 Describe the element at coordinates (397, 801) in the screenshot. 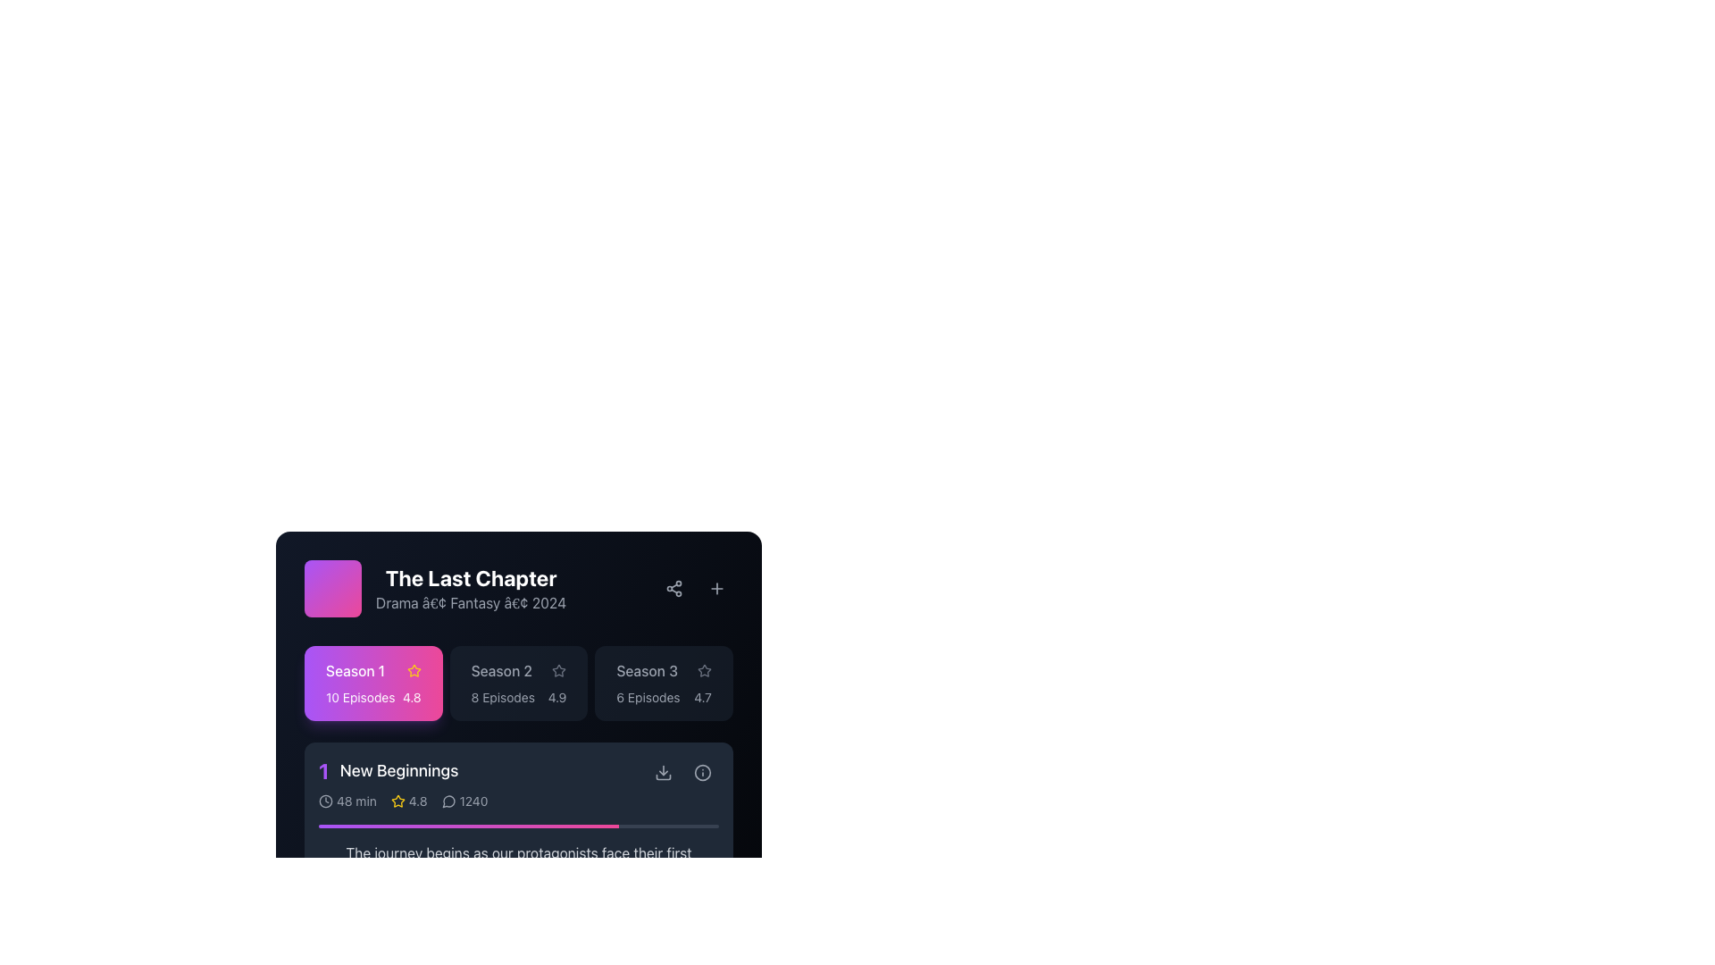

I see `the star-shaped icon with a yellow stroke, which is part of a horizontal layout containing a numerical rating of '4.8'` at that location.